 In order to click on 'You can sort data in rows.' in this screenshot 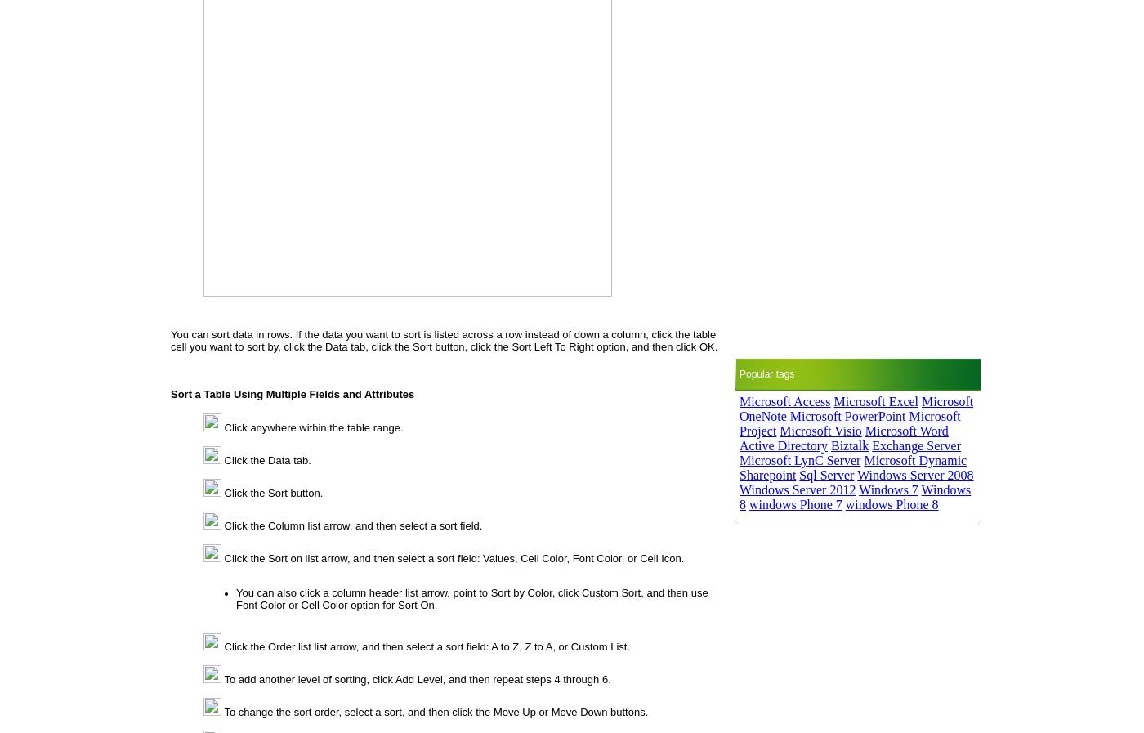, I will do `click(231, 333)`.